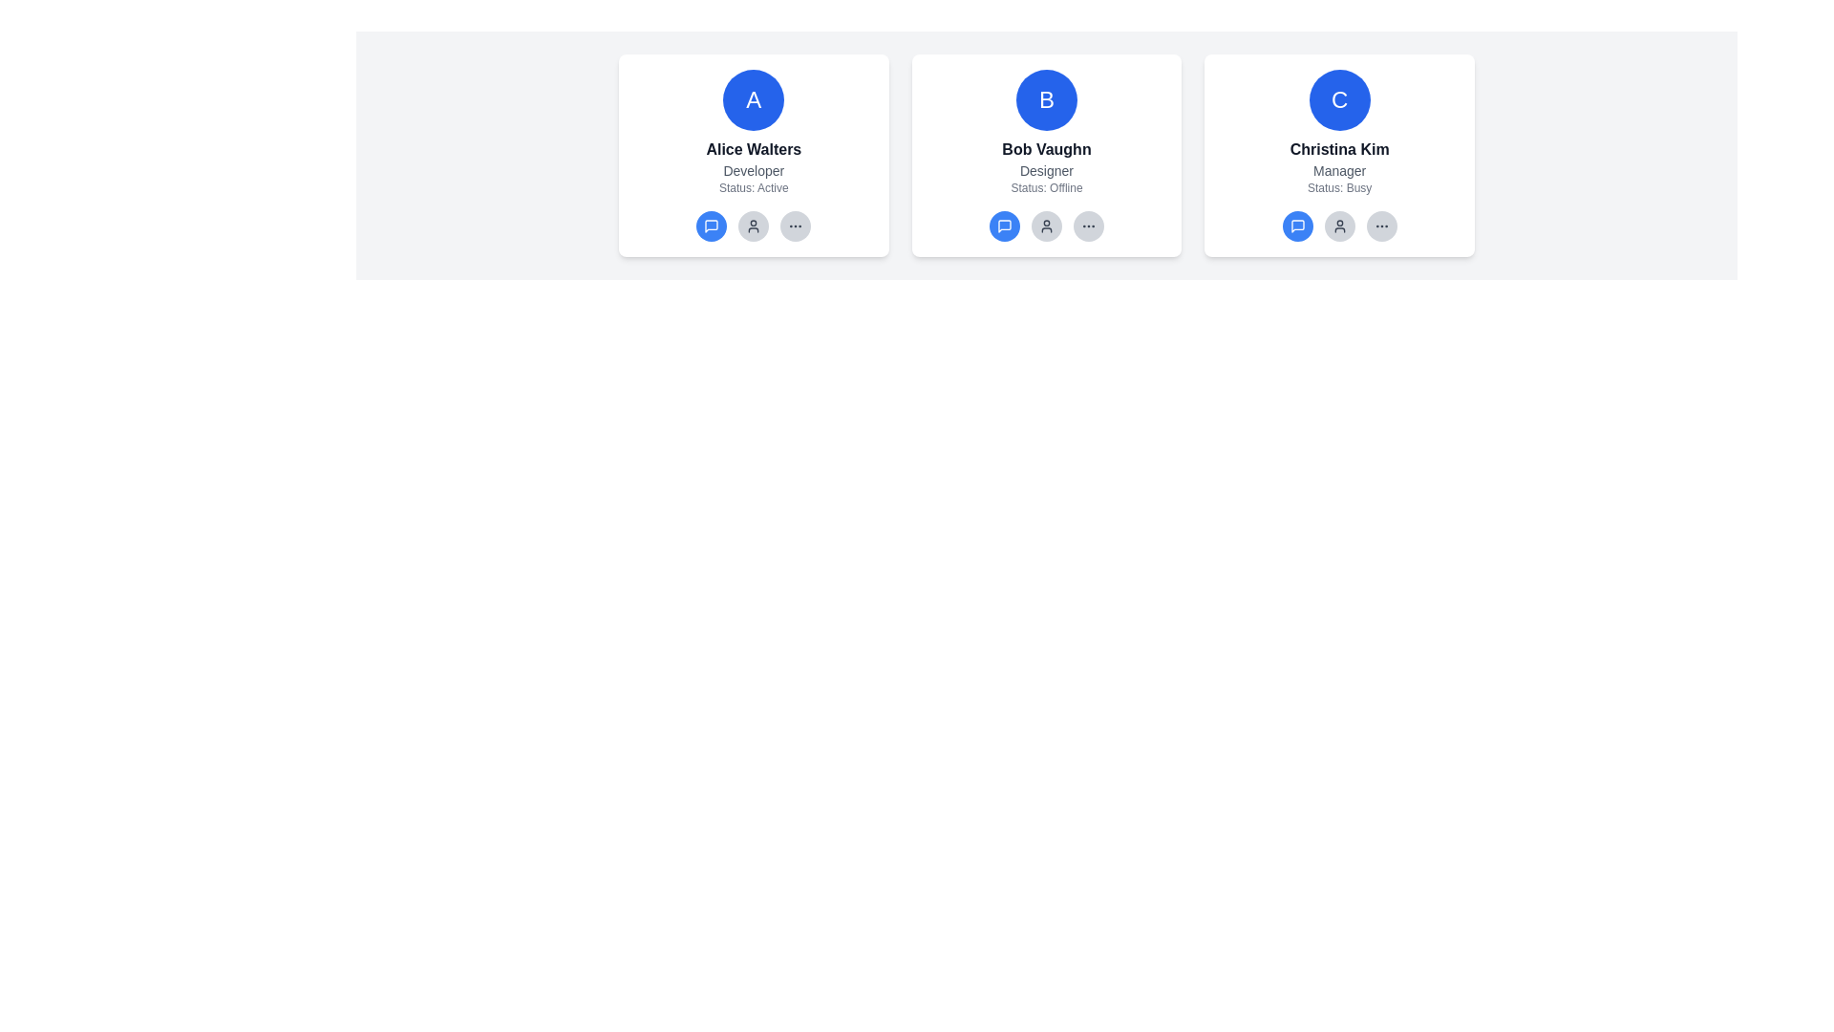 This screenshot has width=1834, height=1032. What do you see at coordinates (1045, 169) in the screenshot?
I see `the Text label indicating the role or designation of the individual in the profile card, which is positioned below 'Bob Vaughn' and above 'Status: Offline'` at bounding box center [1045, 169].